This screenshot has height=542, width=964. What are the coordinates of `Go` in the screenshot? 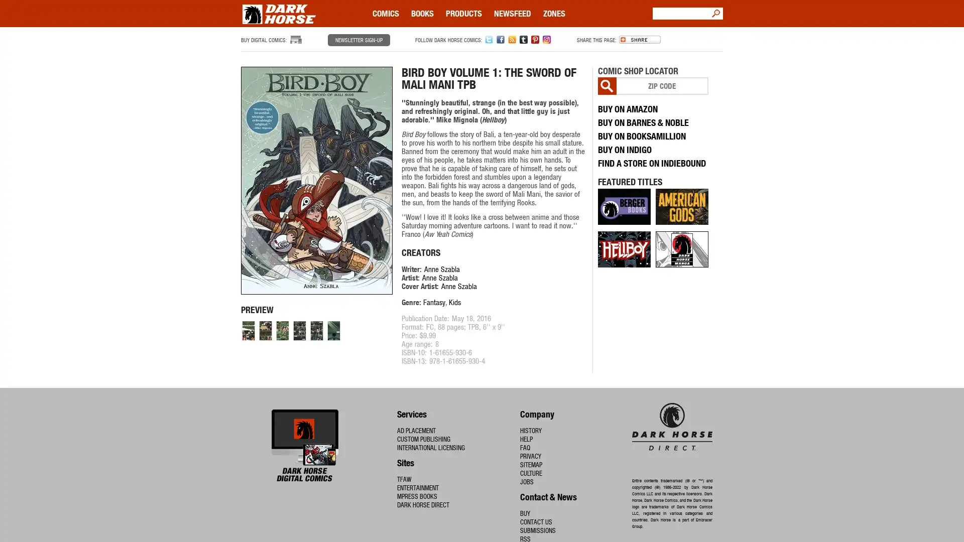 It's located at (607, 85).